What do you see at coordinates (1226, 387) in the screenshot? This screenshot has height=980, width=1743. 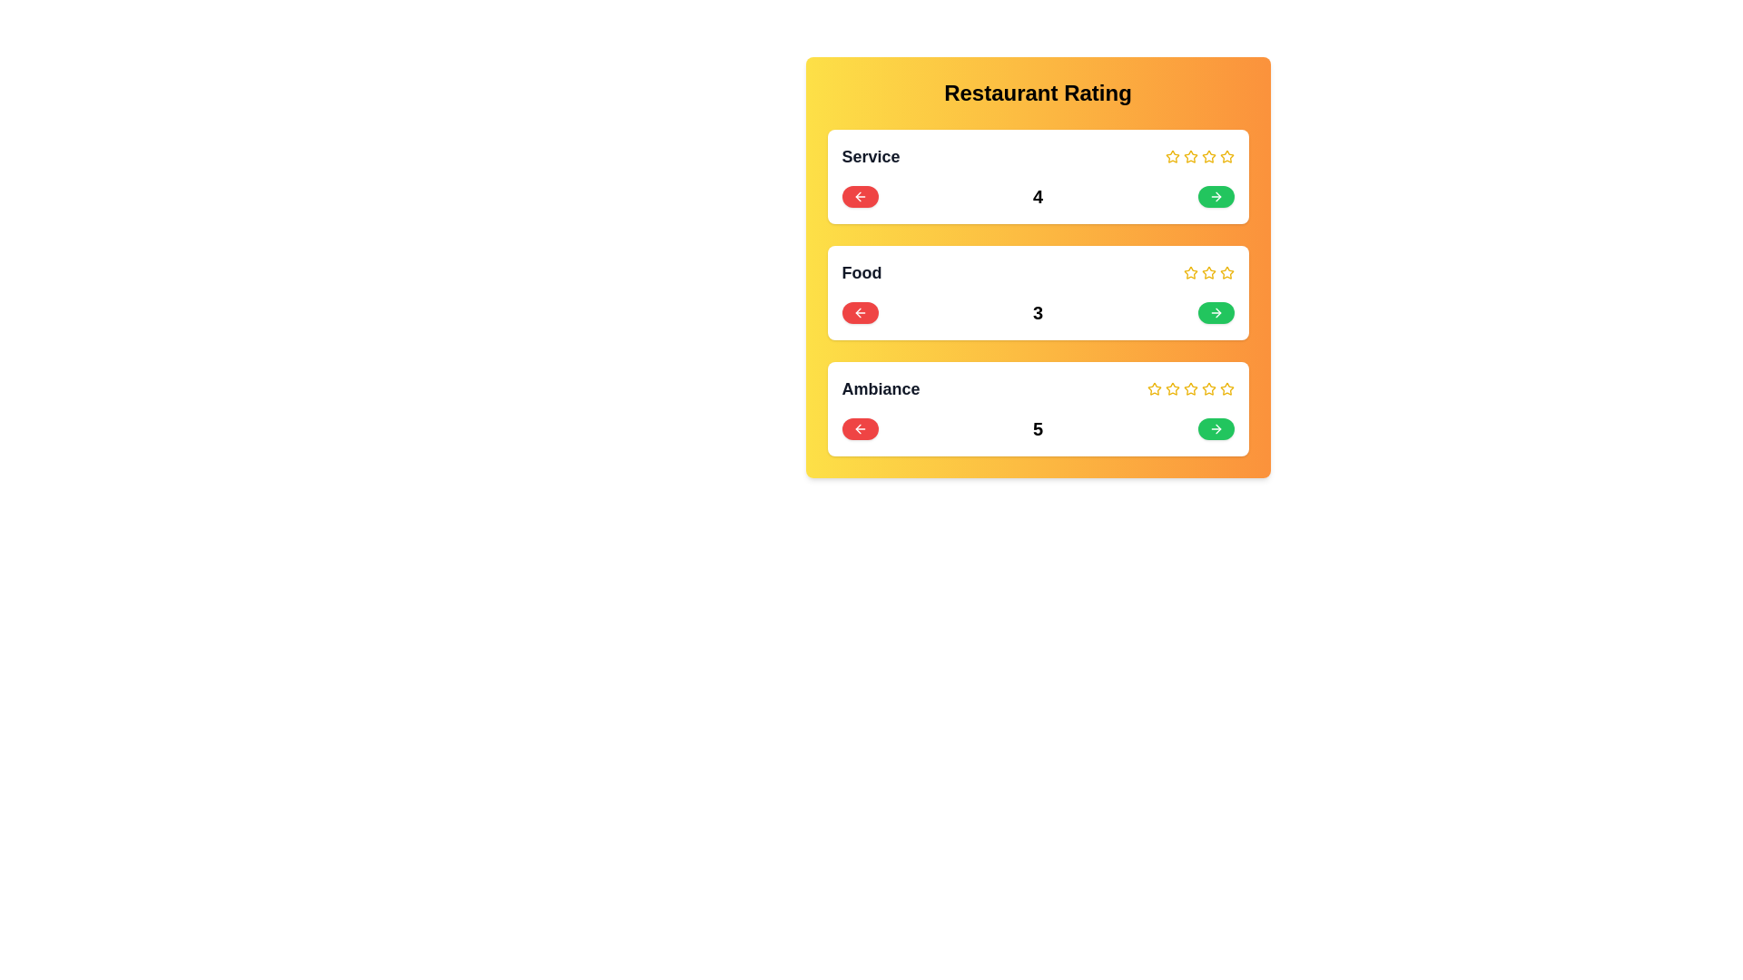 I see `the fifth gold star icon in the 'Ambiance' section to rate it as five stars` at bounding box center [1226, 387].